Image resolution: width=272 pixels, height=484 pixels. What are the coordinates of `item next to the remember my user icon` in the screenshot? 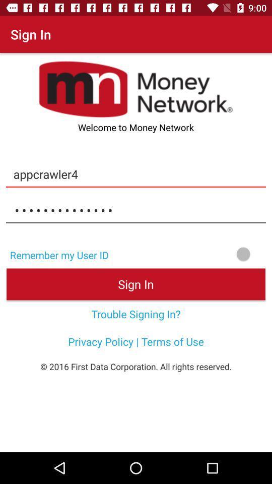 It's located at (193, 253).